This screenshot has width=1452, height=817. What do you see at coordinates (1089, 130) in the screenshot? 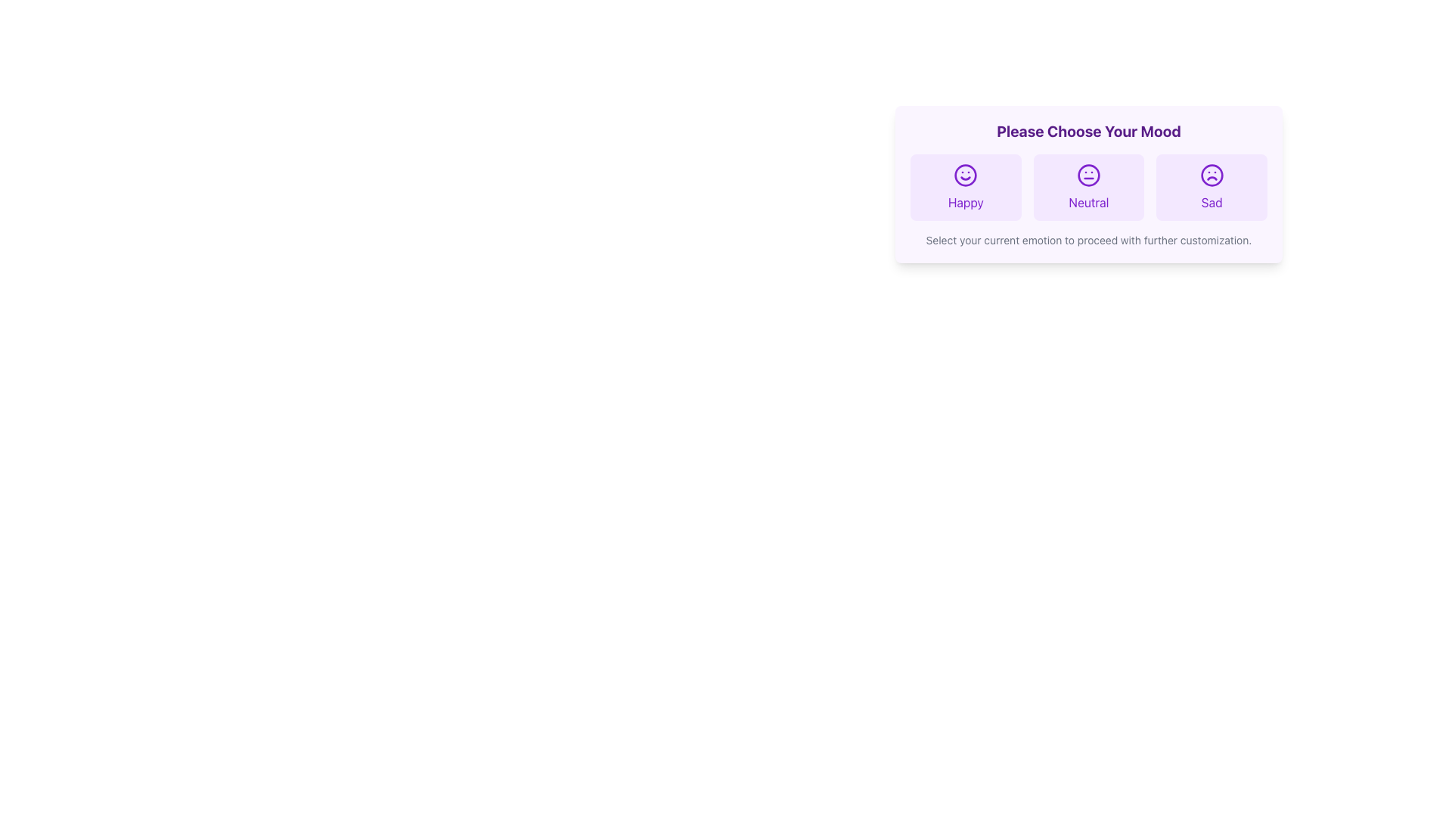
I see `the text label that instructs users to select their mood, located at the top of a light purple panel above the buttons labeled 'Happy', 'Neutral', and 'Sad'` at bounding box center [1089, 130].